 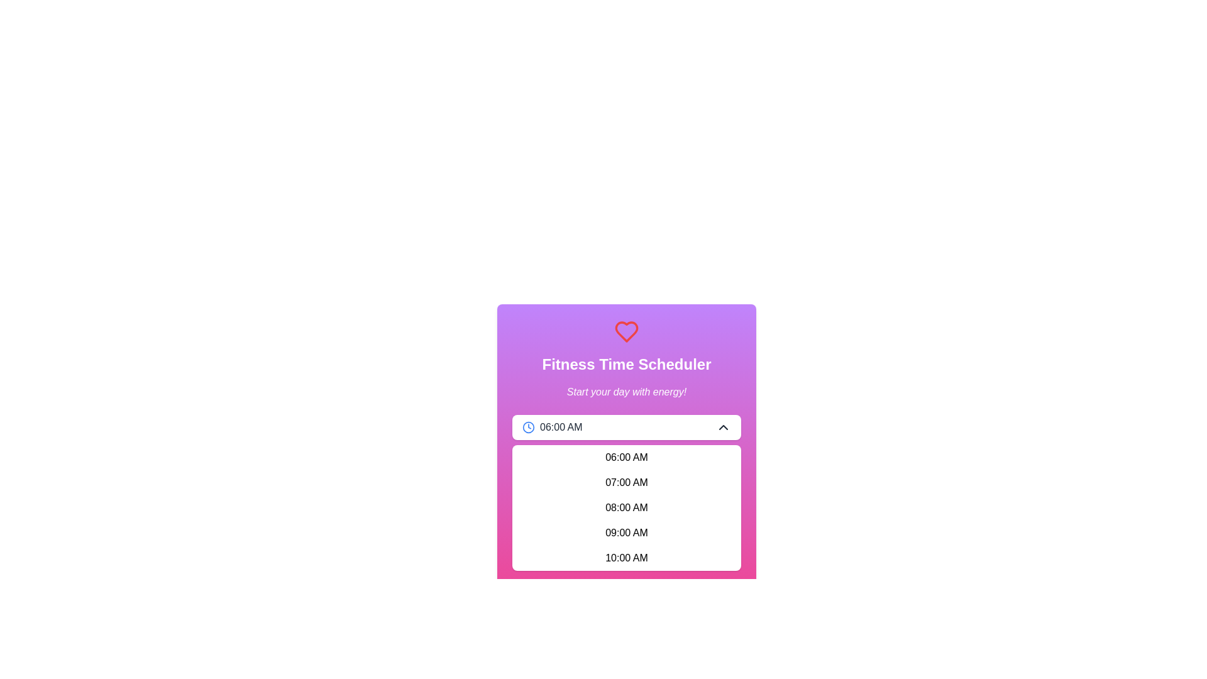 I want to click on the time selector dropdown button located below the 'Fitness Time Scheduler' text by, so click(x=627, y=426).